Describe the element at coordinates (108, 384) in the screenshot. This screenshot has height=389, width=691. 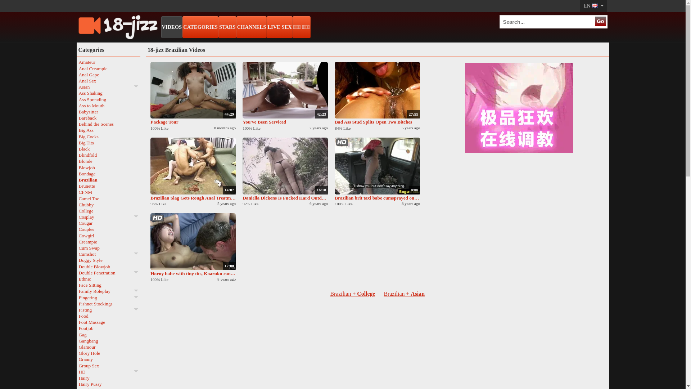
I see `'Hairy Pussy'` at that location.